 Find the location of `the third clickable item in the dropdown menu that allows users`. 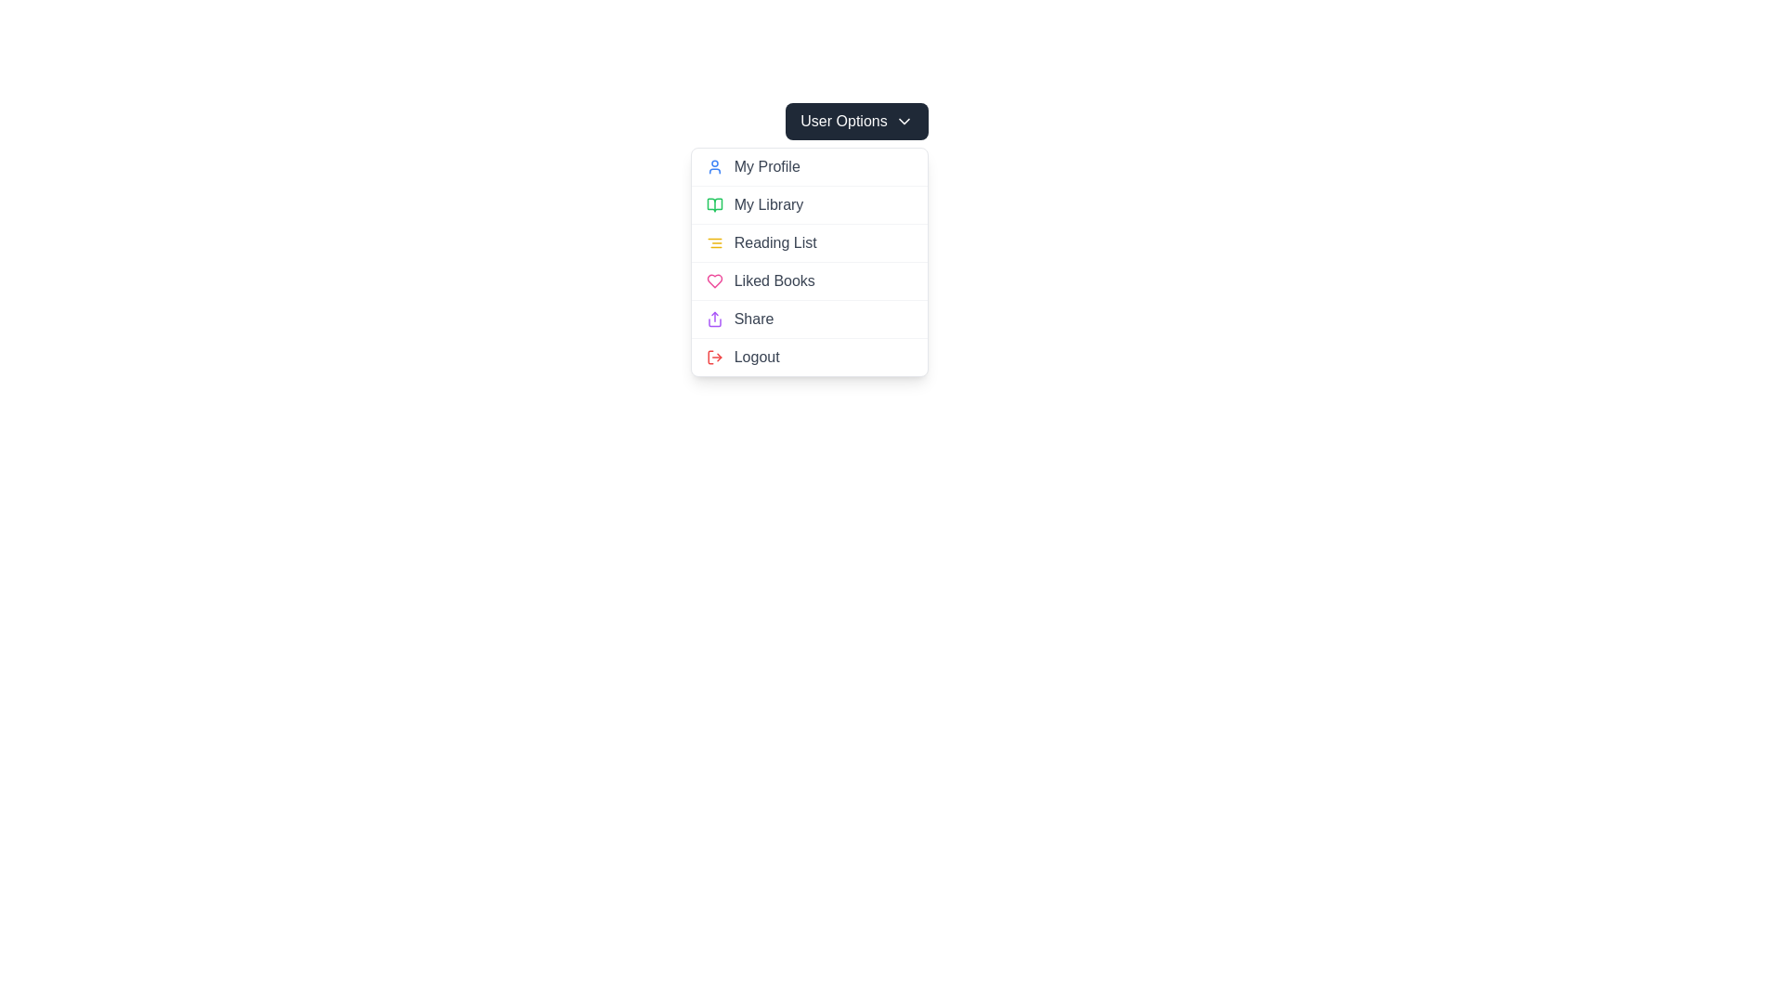

the third clickable item in the dropdown menu that allows users is located at coordinates (809, 242).